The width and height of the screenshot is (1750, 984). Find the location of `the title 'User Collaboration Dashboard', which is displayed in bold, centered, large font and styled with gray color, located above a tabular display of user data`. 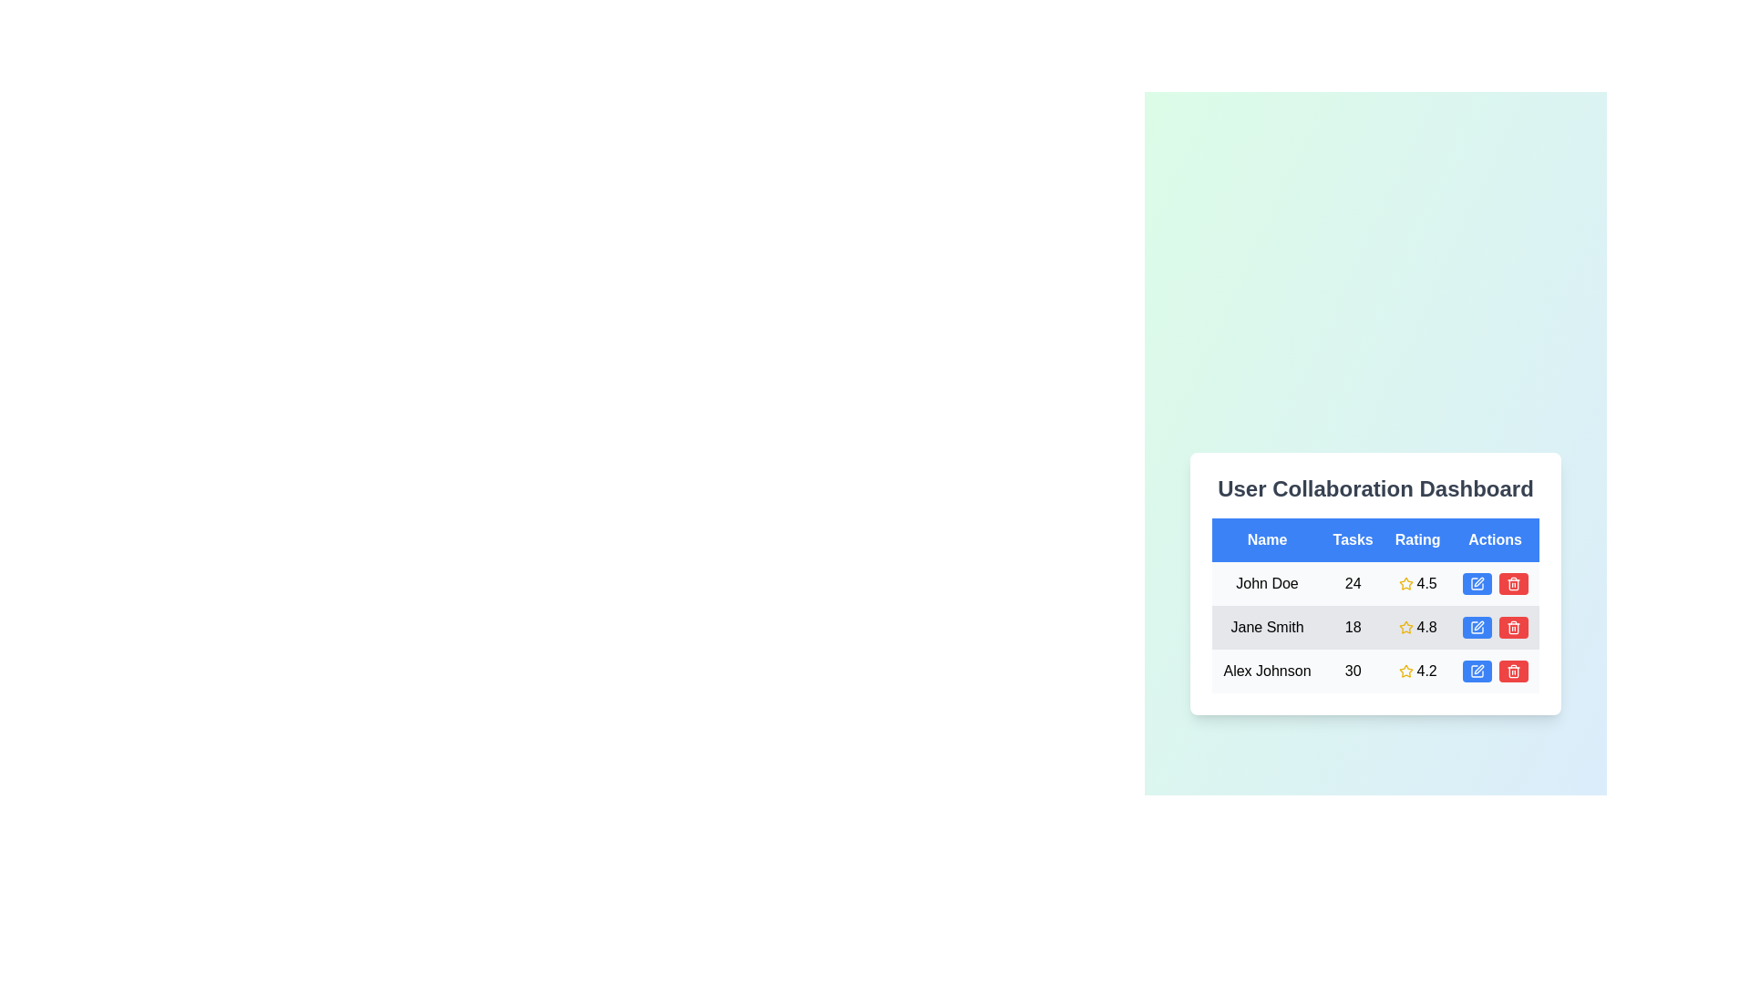

the title 'User Collaboration Dashboard', which is displayed in bold, centered, large font and styled with gray color, located above a tabular display of user data is located at coordinates (1375, 487).